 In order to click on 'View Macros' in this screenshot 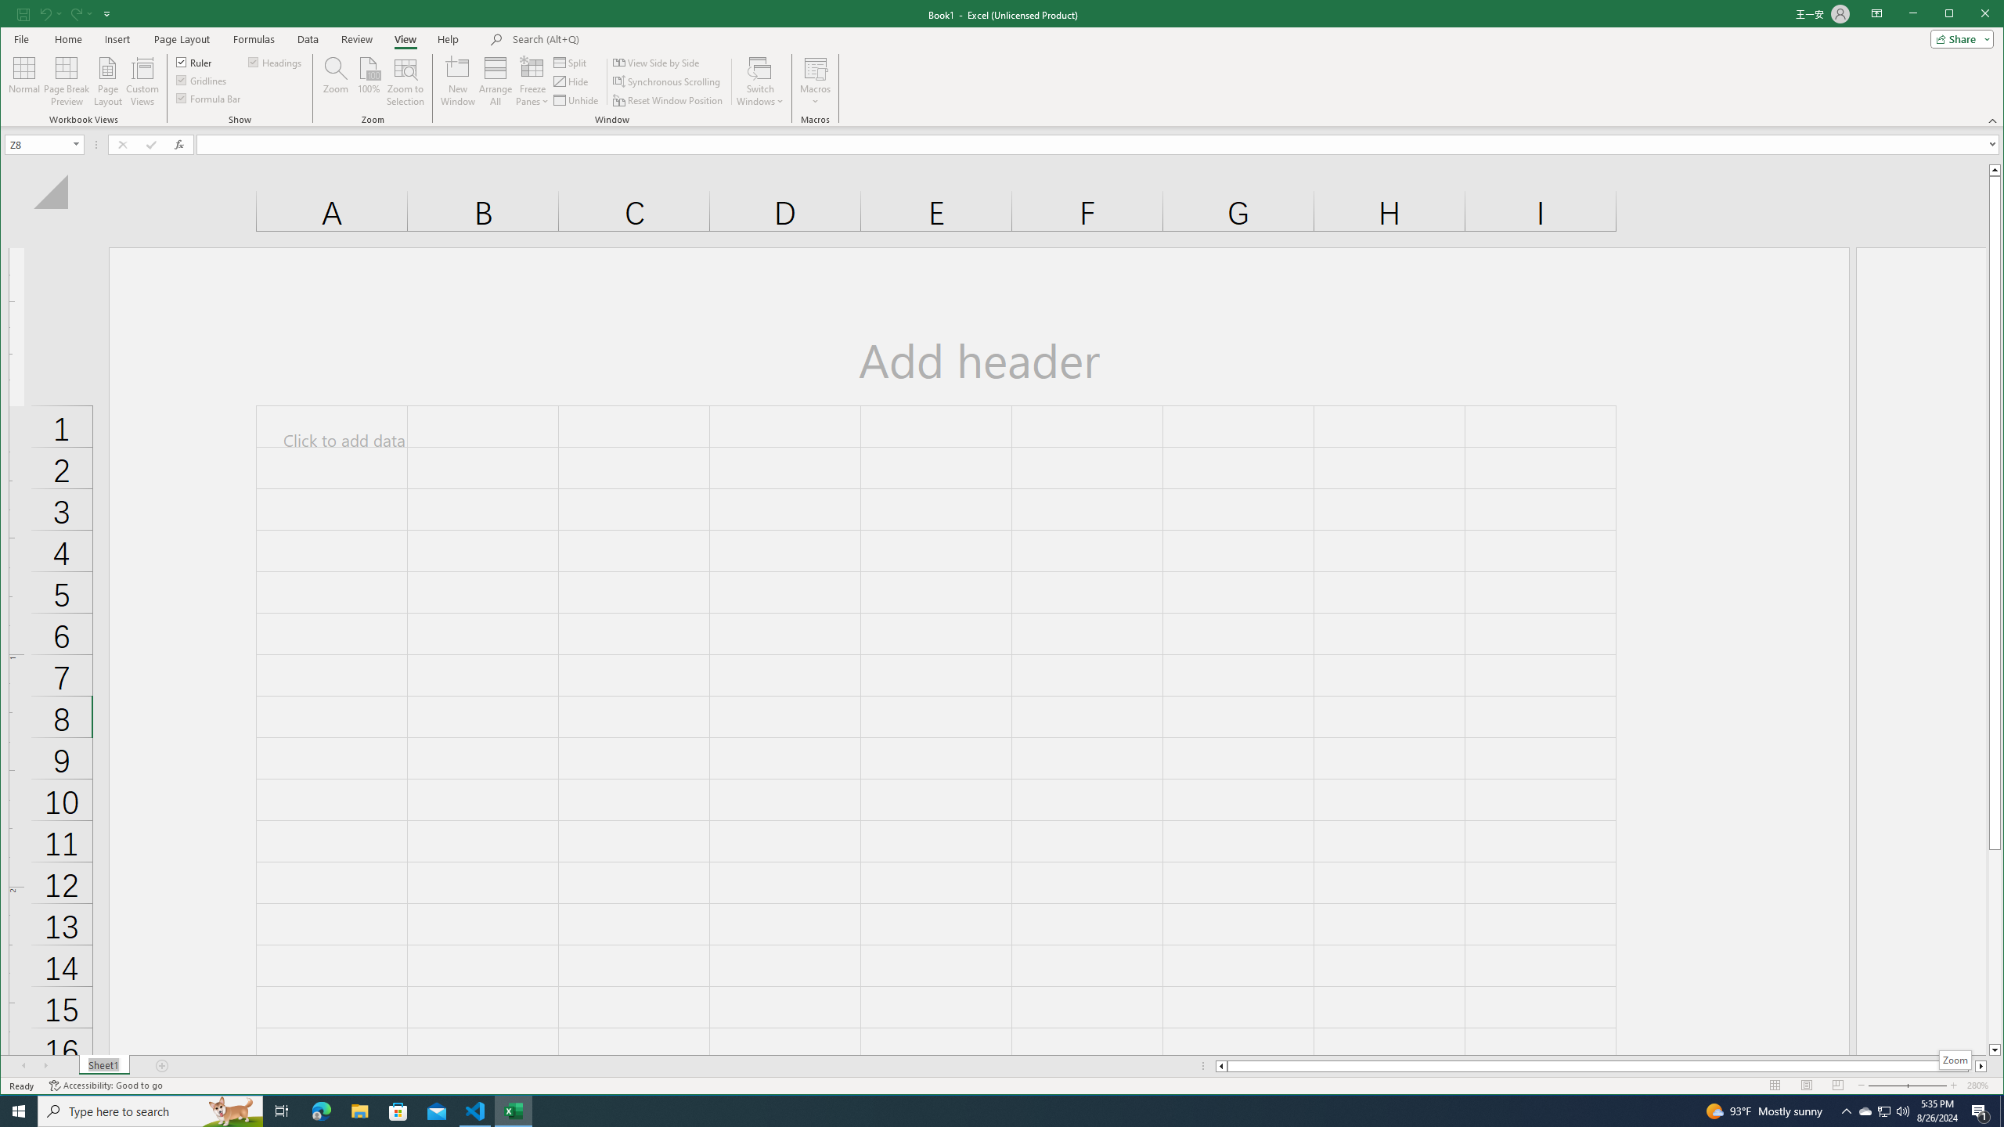, I will do `click(814, 67)`.